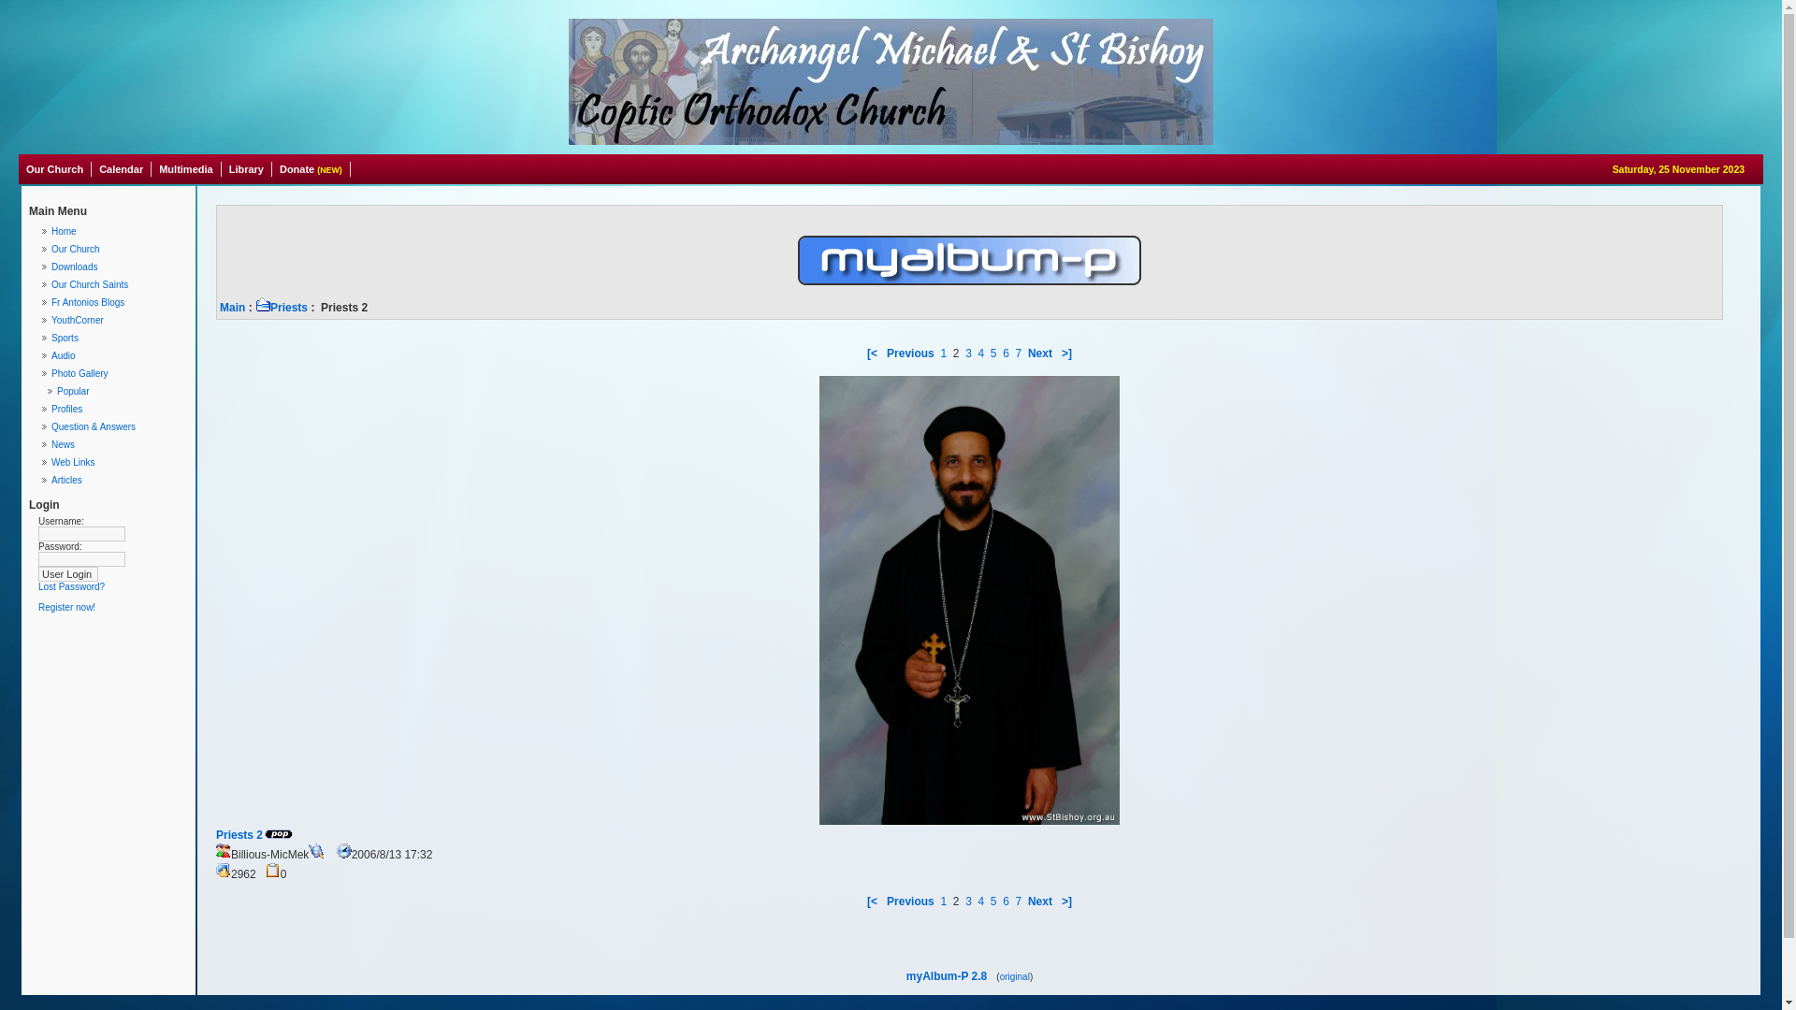 This screenshot has width=1796, height=1010. I want to click on 'Next', so click(1027, 901).